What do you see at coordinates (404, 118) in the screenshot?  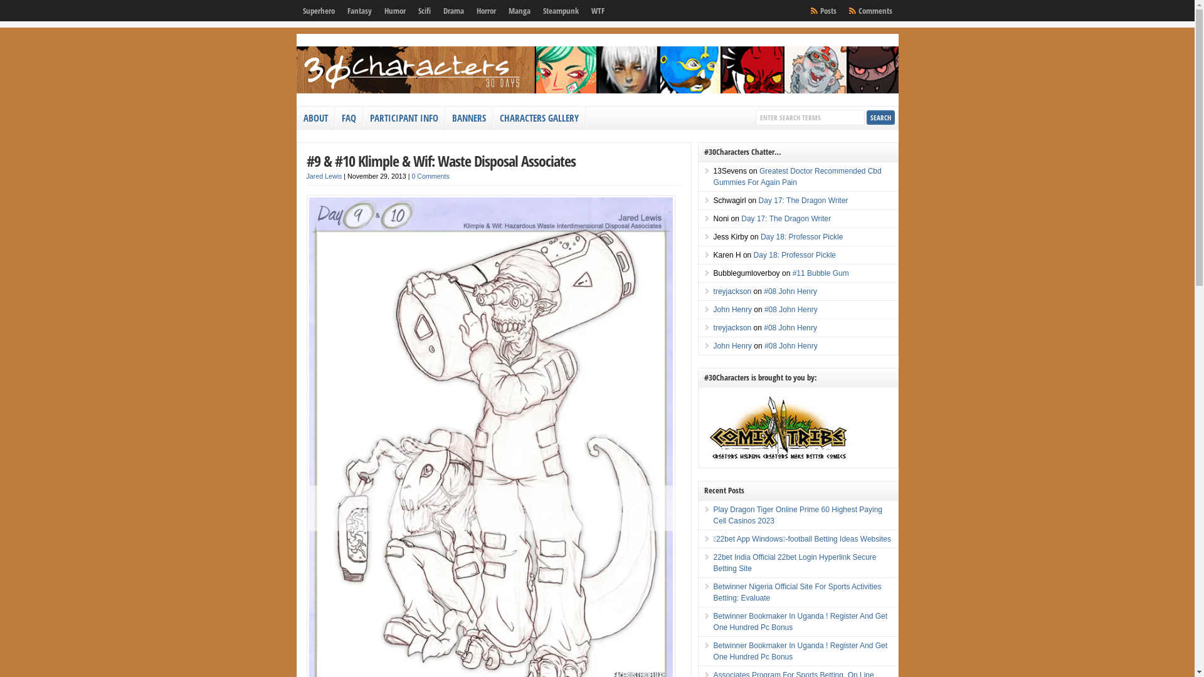 I see `'PARTICIPANT INFO'` at bounding box center [404, 118].